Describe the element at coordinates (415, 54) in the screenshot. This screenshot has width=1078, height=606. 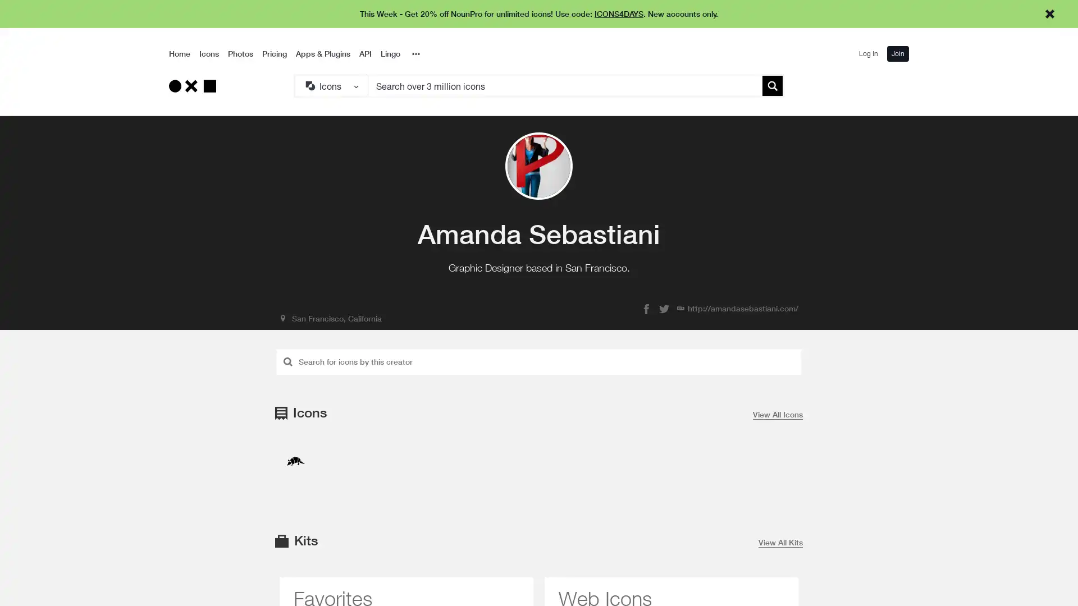
I see `Overflow Menu` at that location.